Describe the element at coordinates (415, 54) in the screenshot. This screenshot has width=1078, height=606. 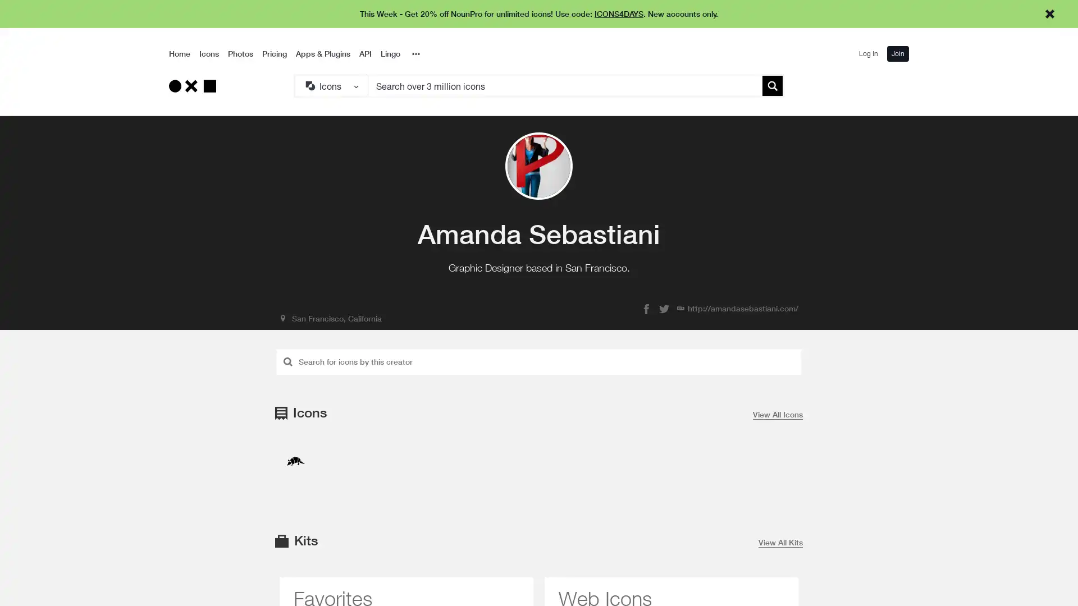
I see `Overflow Menu` at that location.